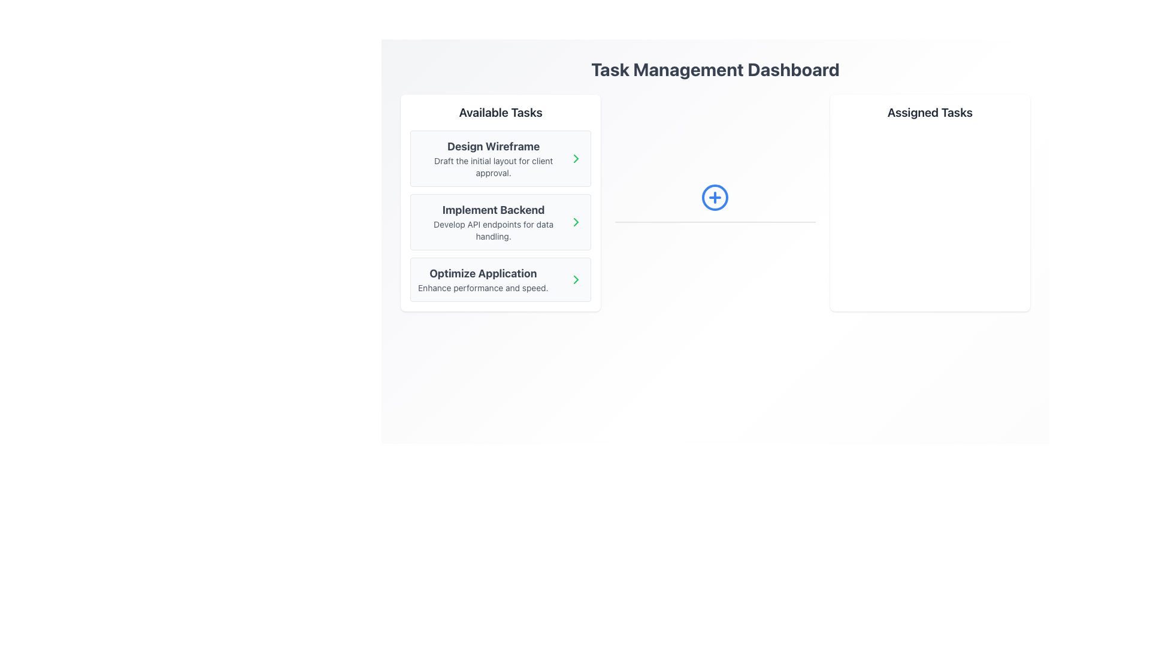 The height and width of the screenshot is (647, 1150). What do you see at coordinates (501, 113) in the screenshot?
I see `the text label 'Available Tasks' which is prominently displayed in bold black font at the top of the left pane of the dashboard` at bounding box center [501, 113].